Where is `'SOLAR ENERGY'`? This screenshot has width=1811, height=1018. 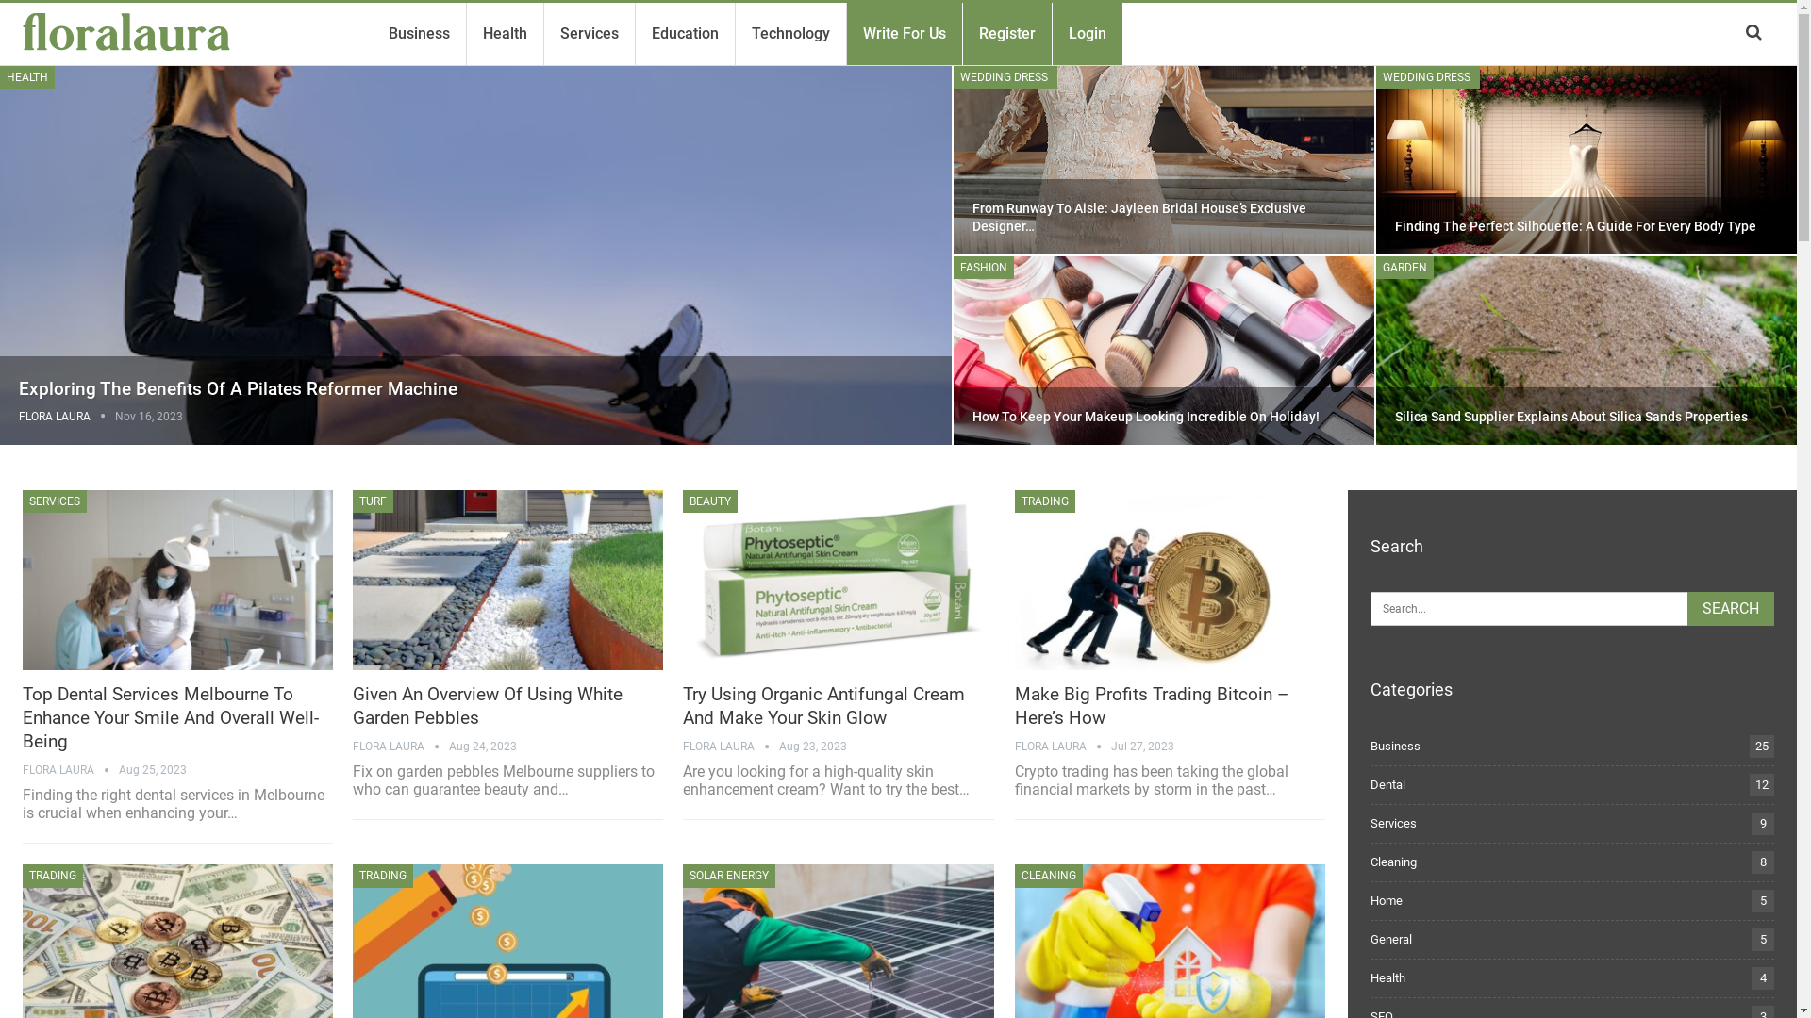
'SOLAR ENERGY' is located at coordinates (727, 876).